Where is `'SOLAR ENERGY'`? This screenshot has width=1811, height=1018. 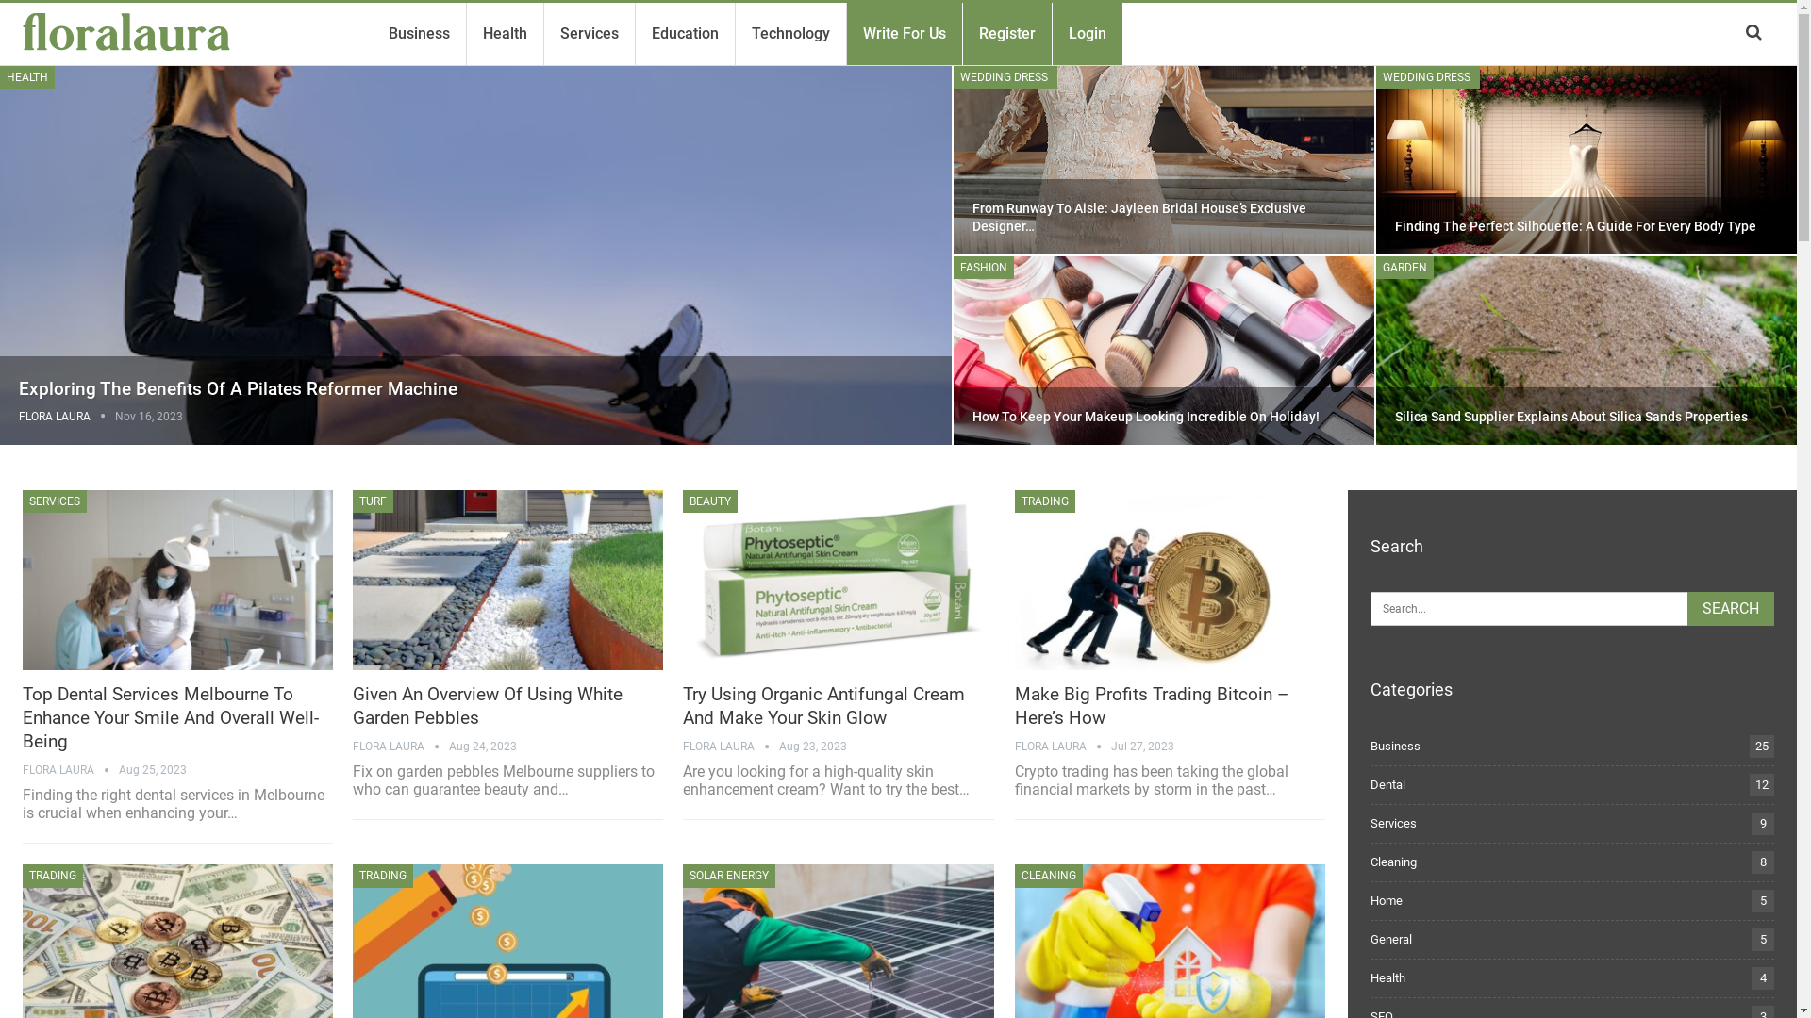
'SOLAR ENERGY' is located at coordinates (727, 876).